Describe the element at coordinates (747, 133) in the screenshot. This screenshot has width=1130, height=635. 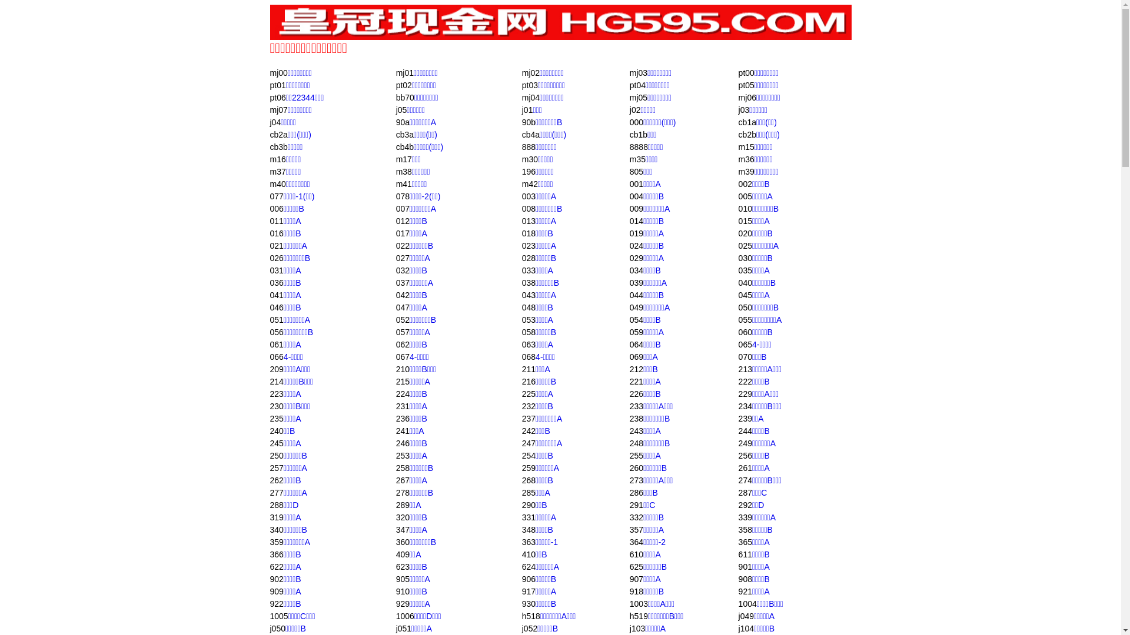
I see `'cb2b'` at that location.